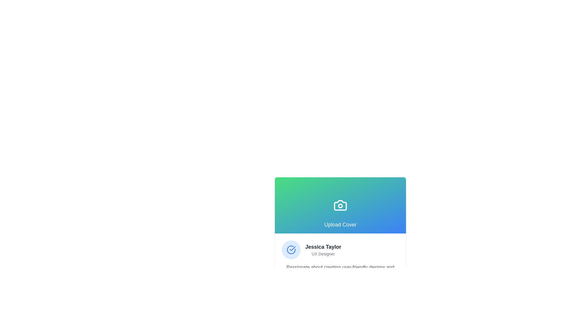  What do you see at coordinates (340, 205) in the screenshot?
I see `the 'Upload Cover' button, which is centrally located within a rectangle that transitions from green to blue and is labeled below the icon` at bounding box center [340, 205].